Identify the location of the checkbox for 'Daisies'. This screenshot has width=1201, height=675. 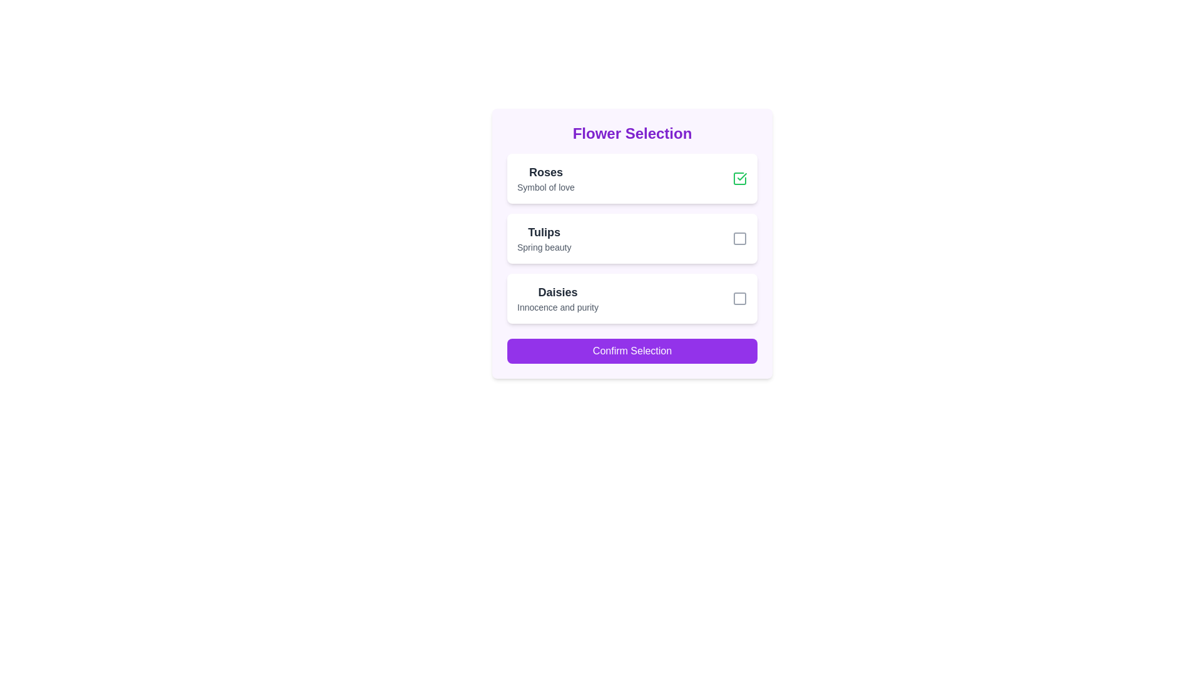
(739, 299).